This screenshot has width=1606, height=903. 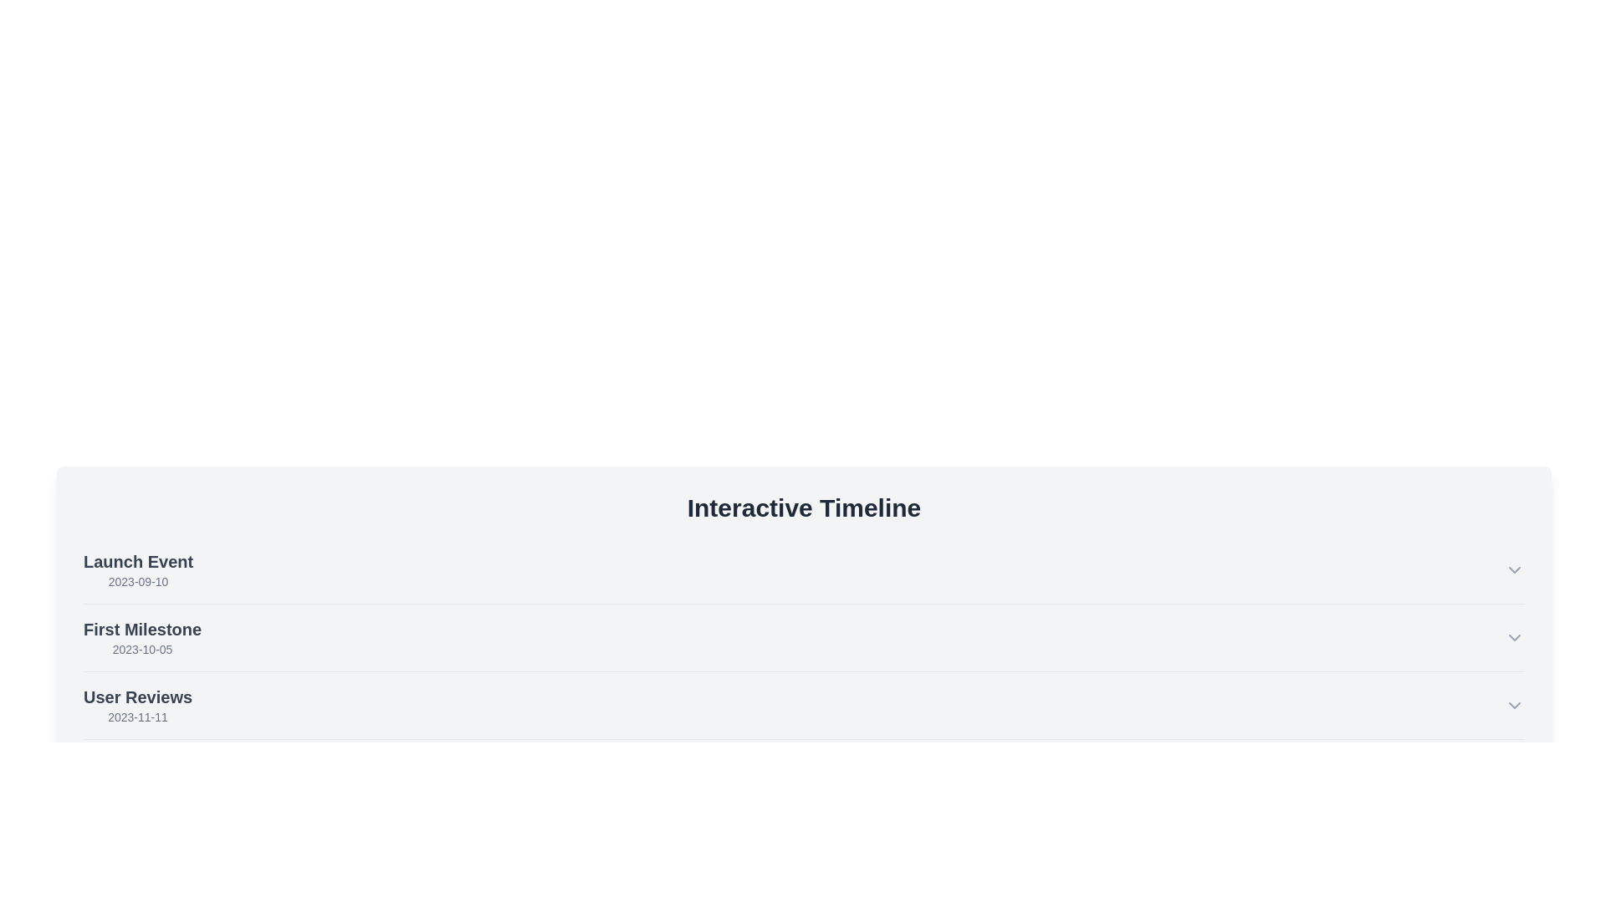 What do you see at coordinates (138, 706) in the screenshot?
I see `the 'User Reviews' text label, which displays the date '2023-11-11', positioned below 'First Milestone' and above an empty space, aligned to the left side of the layout` at bounding box center [138, 706].